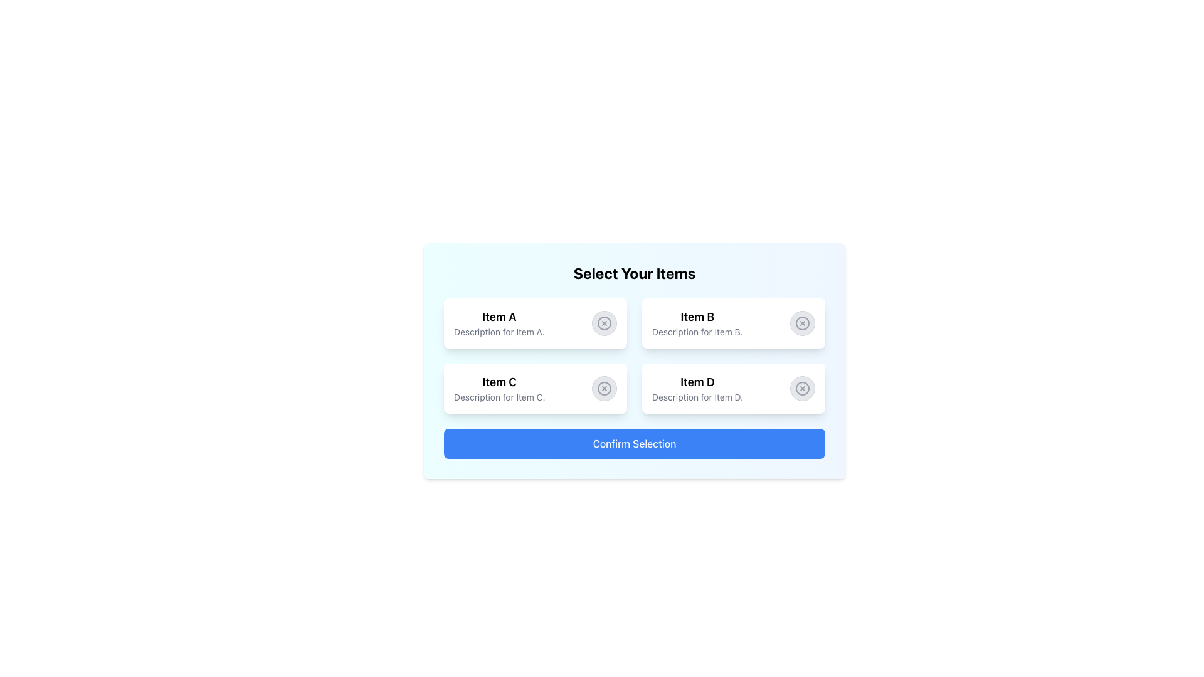 The height and width of the screenshot is (677, 1204). I want to click on circular graphical element in the top-right corner of 'Item B' for debugging purposes, so click(803, 323).